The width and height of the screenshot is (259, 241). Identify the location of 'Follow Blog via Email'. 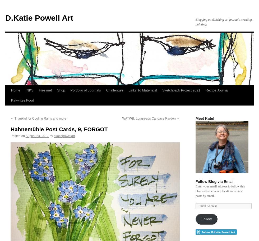
(214, 181).